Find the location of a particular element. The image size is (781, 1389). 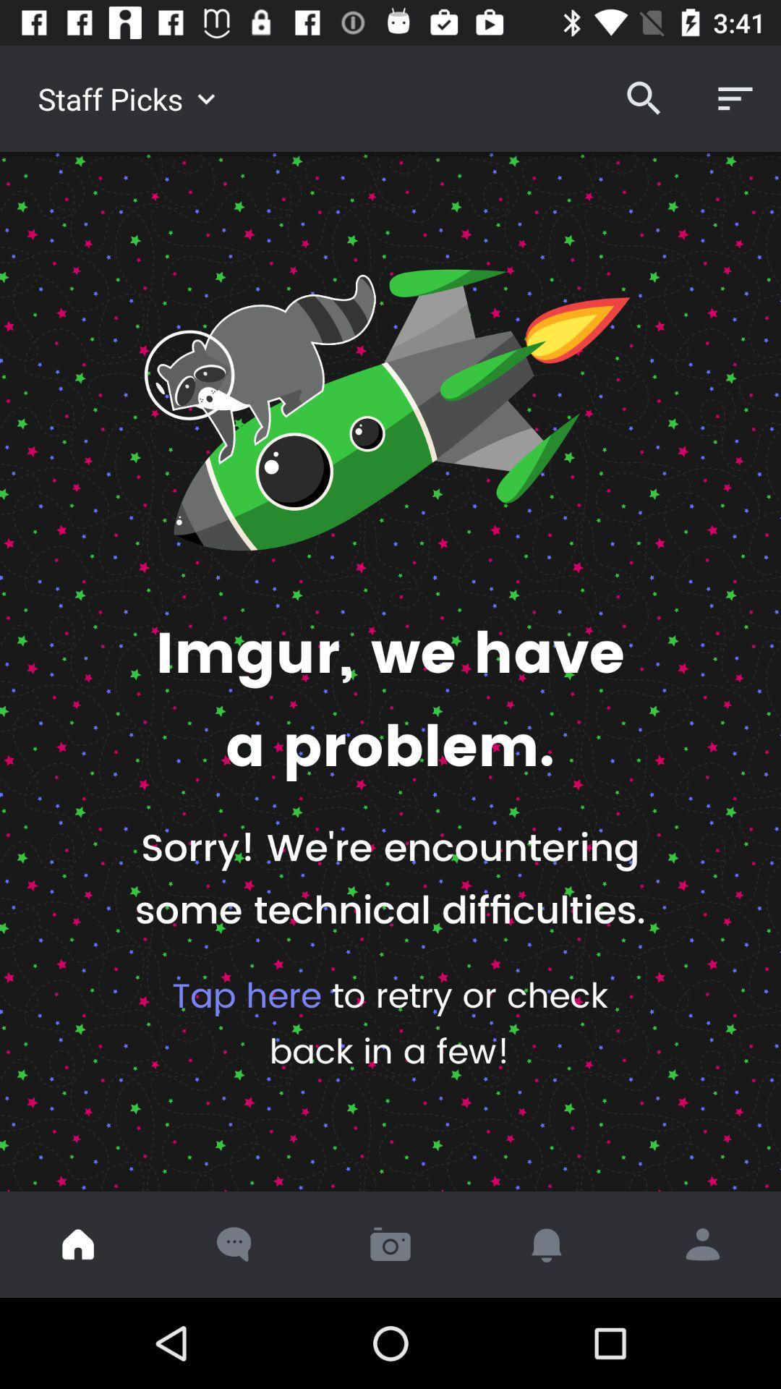

icon to the right of staff picks is located at coordinates (644, 98).